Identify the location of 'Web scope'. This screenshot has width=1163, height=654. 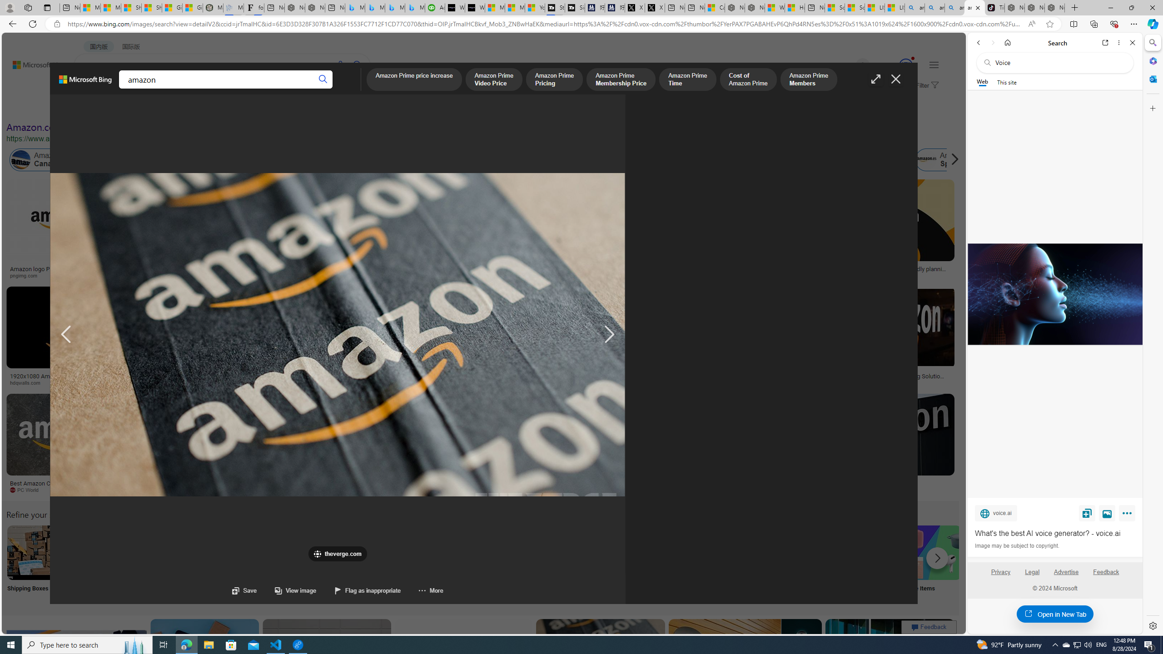
(982, 82).